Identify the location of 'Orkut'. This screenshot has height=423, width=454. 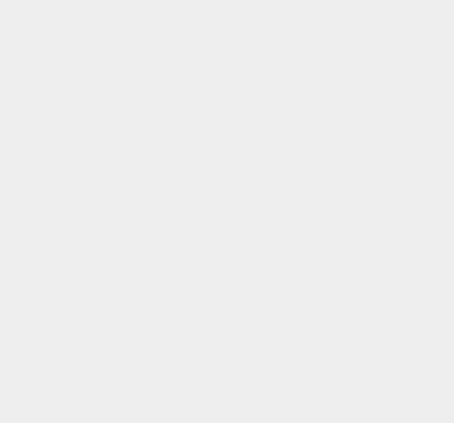
(327, 218).